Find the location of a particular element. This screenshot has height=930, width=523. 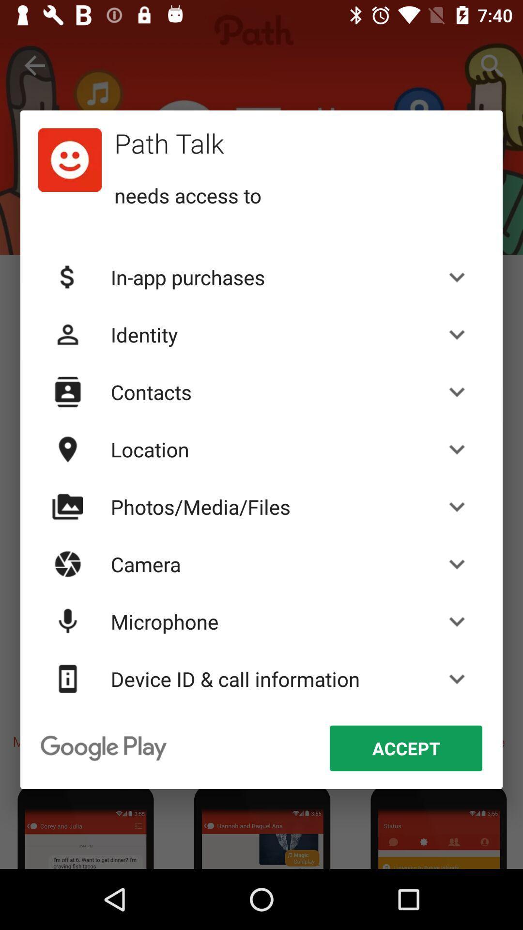

the accept item is located at coordinates (406, 748).